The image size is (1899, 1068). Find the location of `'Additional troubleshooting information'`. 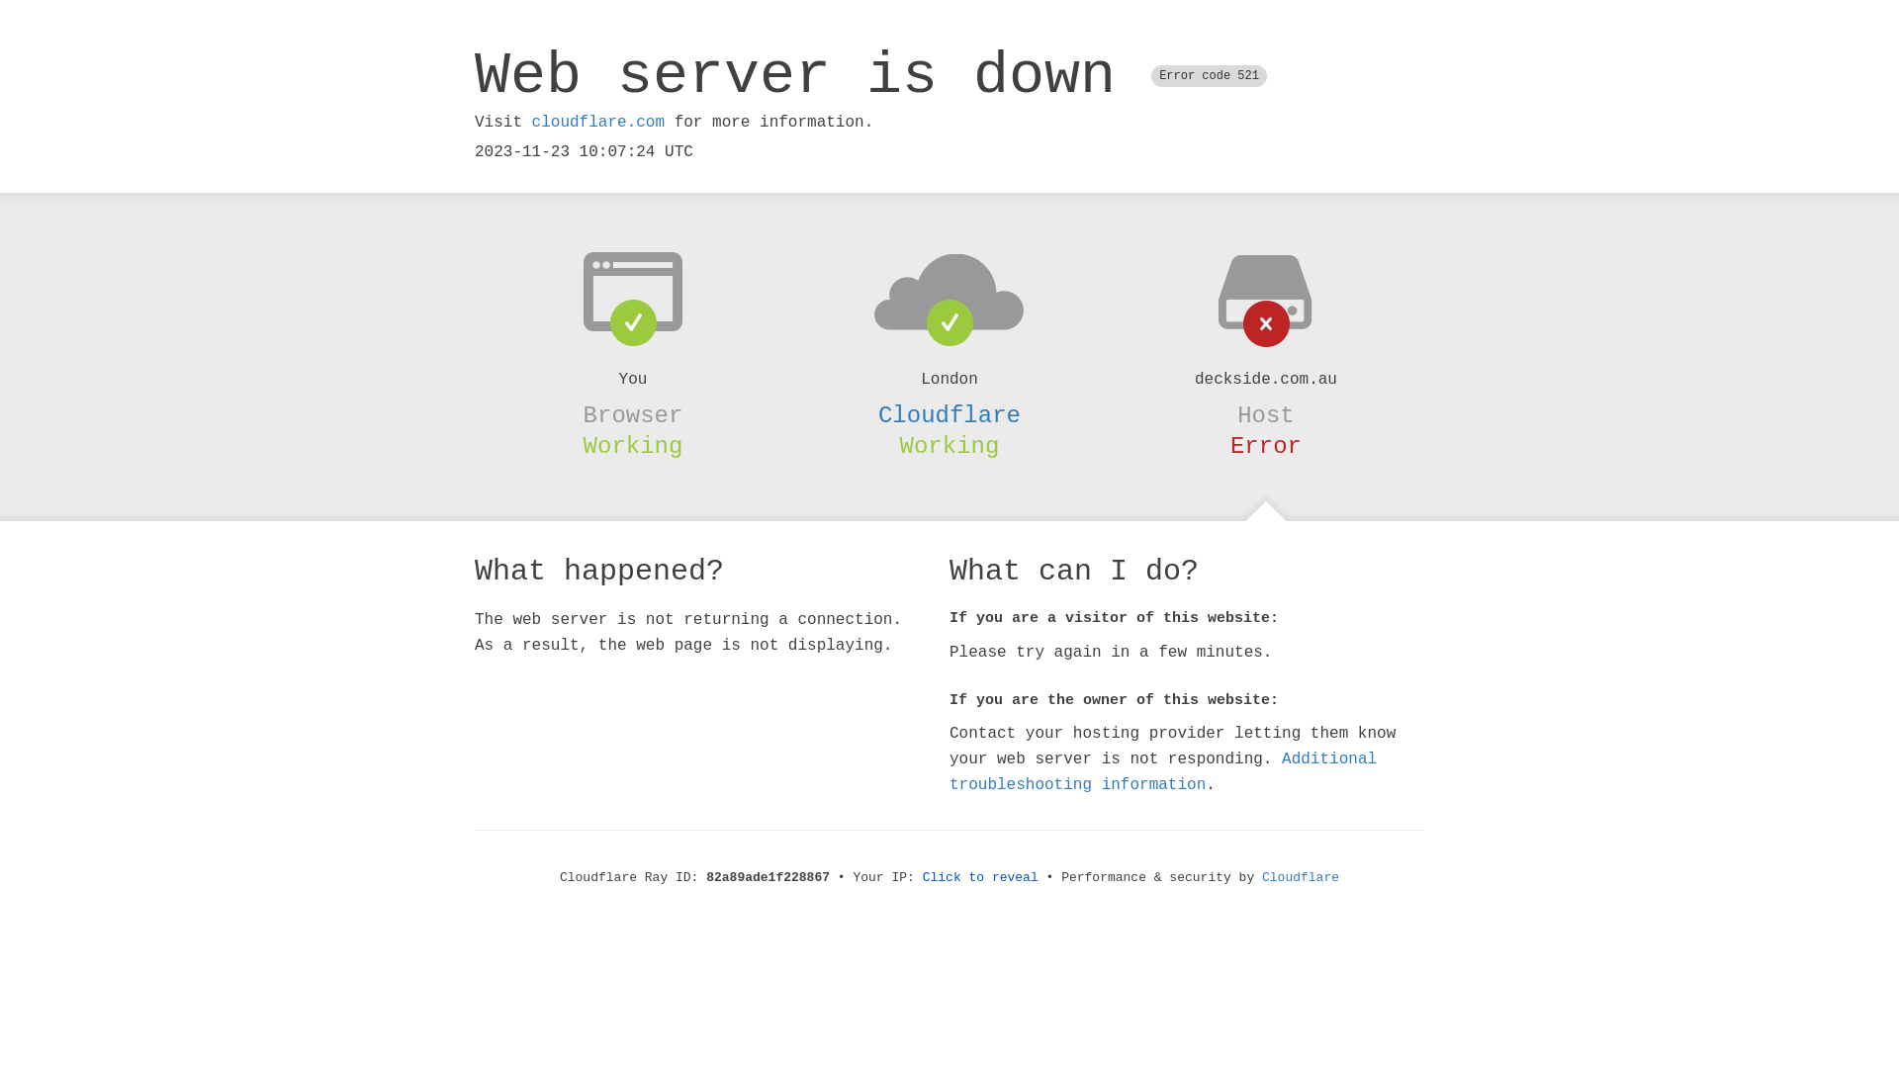

'Additional troubleshooting information' is located at coordinates (1163, 770).